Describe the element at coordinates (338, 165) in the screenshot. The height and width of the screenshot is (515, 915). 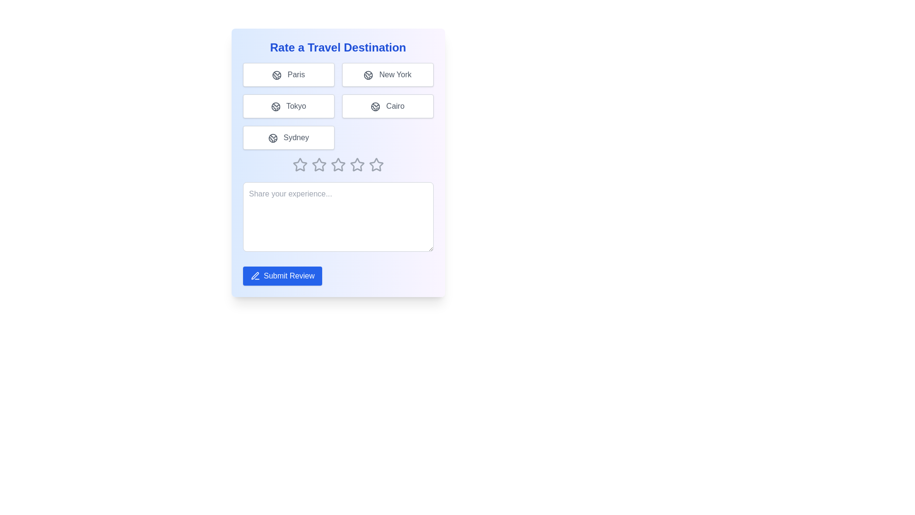
I see `the fourth star icon in the horizontal rating panel` at that location.